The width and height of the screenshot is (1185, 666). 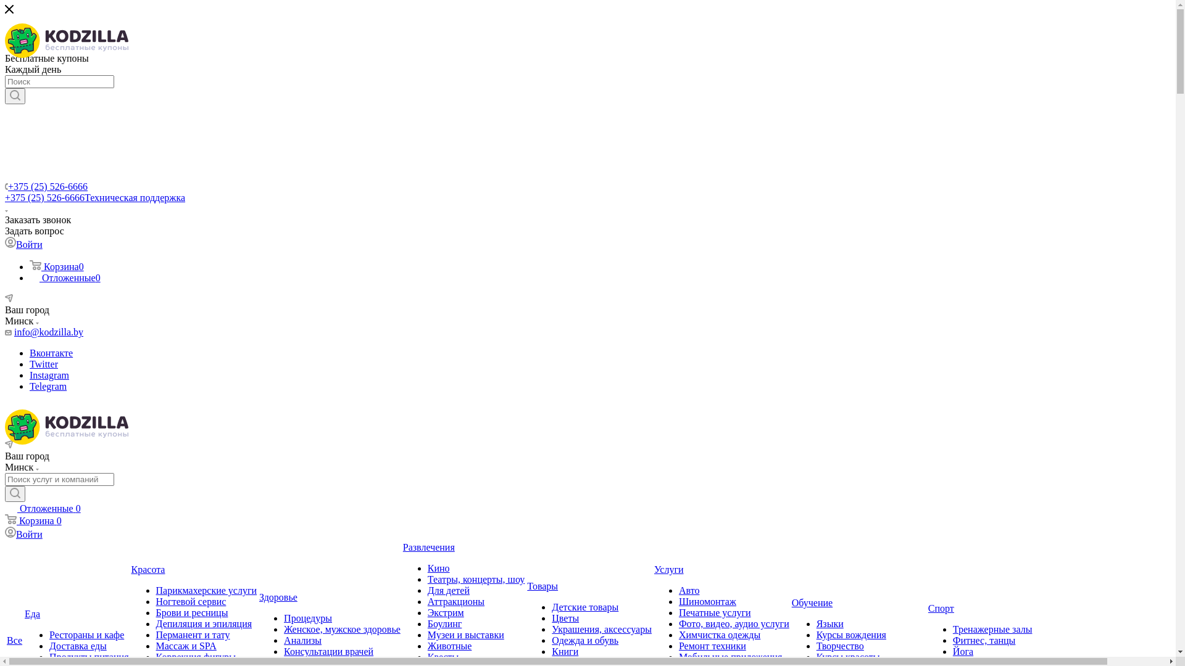 What do you see at coordinates (44, 363) in the screenshot?
I see `'Twitter'` at bounding box center [44, 363].